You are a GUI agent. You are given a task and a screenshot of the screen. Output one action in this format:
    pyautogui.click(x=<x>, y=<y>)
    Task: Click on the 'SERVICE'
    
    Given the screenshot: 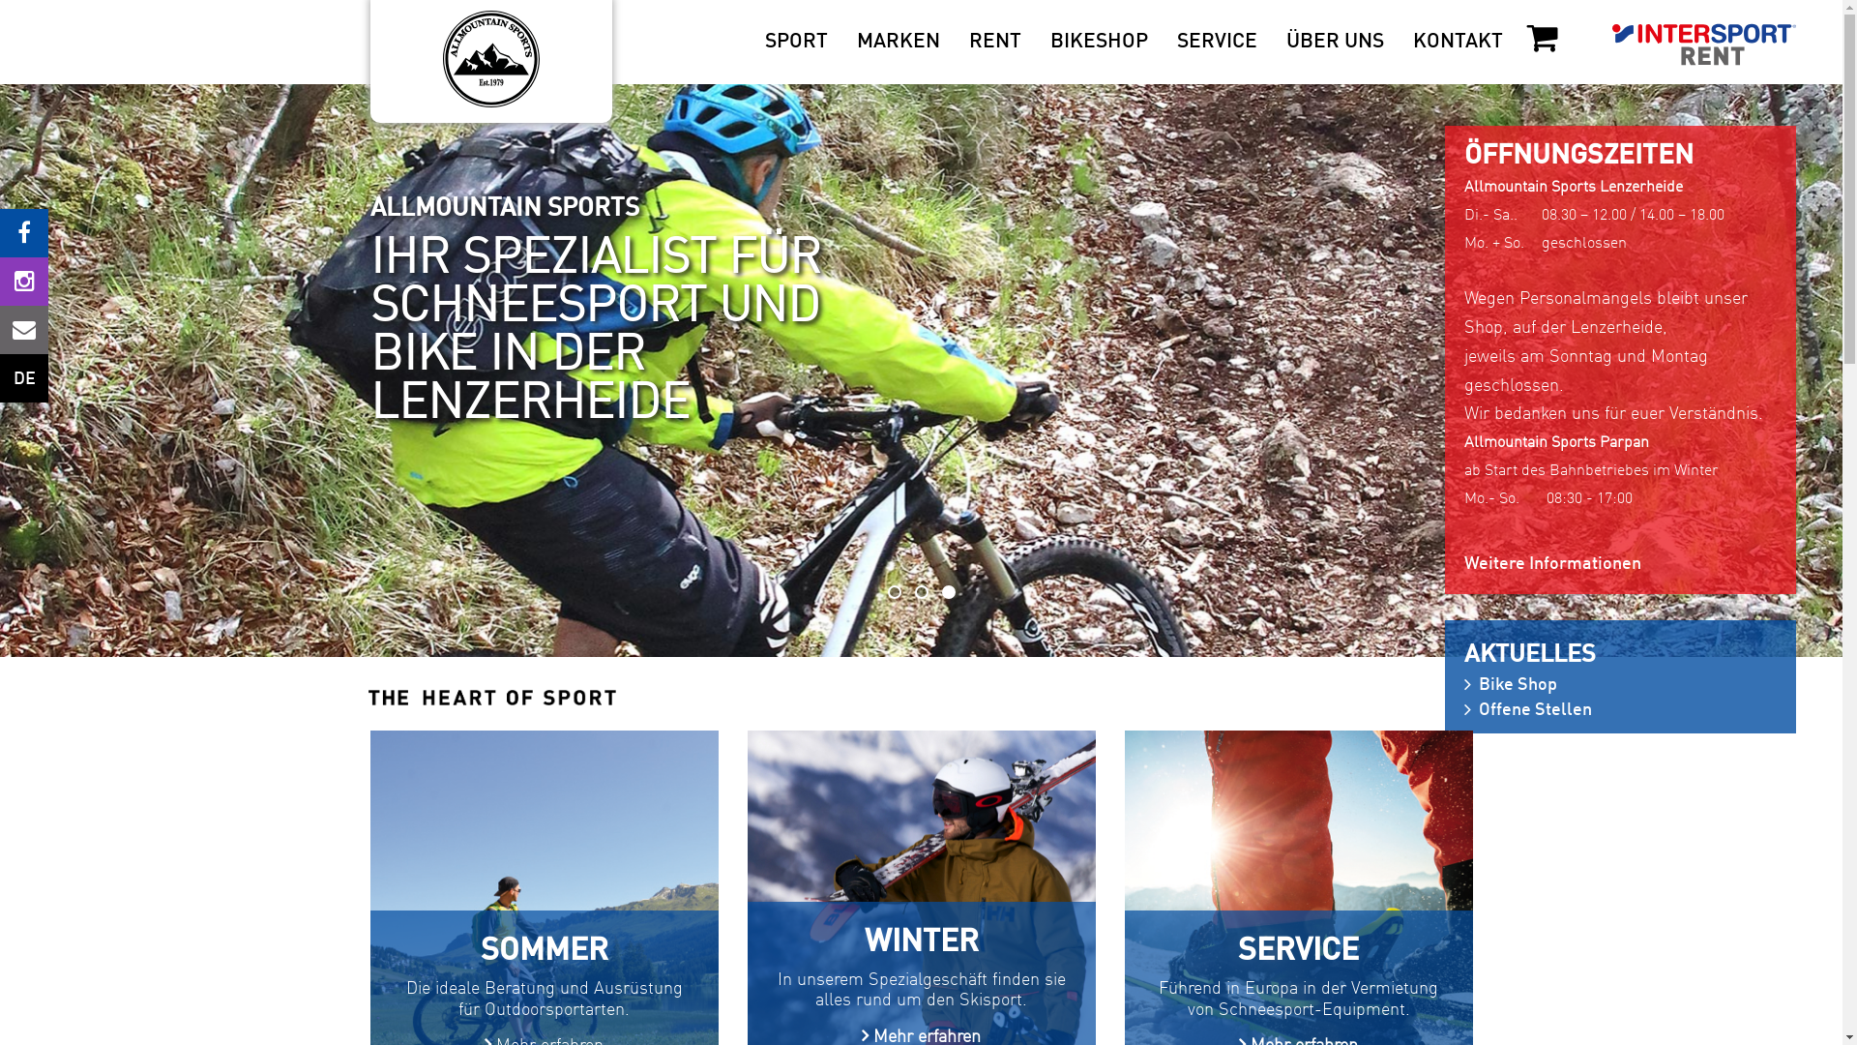 What is the action you would take?
    pyautogui.click(x=1216, y=42)
    